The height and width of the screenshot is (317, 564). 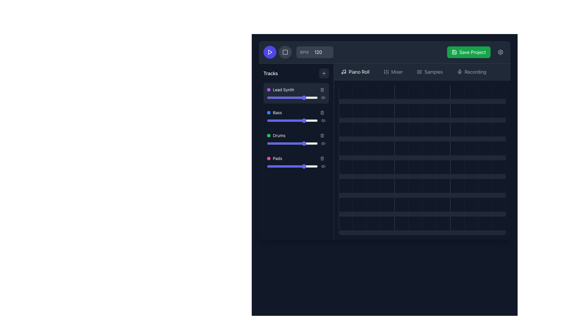 What do you see at coordinates (373, 223) in the screenshot?
I see `the square grid cell located in the last row and third column of the grid, which is dark gray and has no visible content` at bounding box center [373, 223].